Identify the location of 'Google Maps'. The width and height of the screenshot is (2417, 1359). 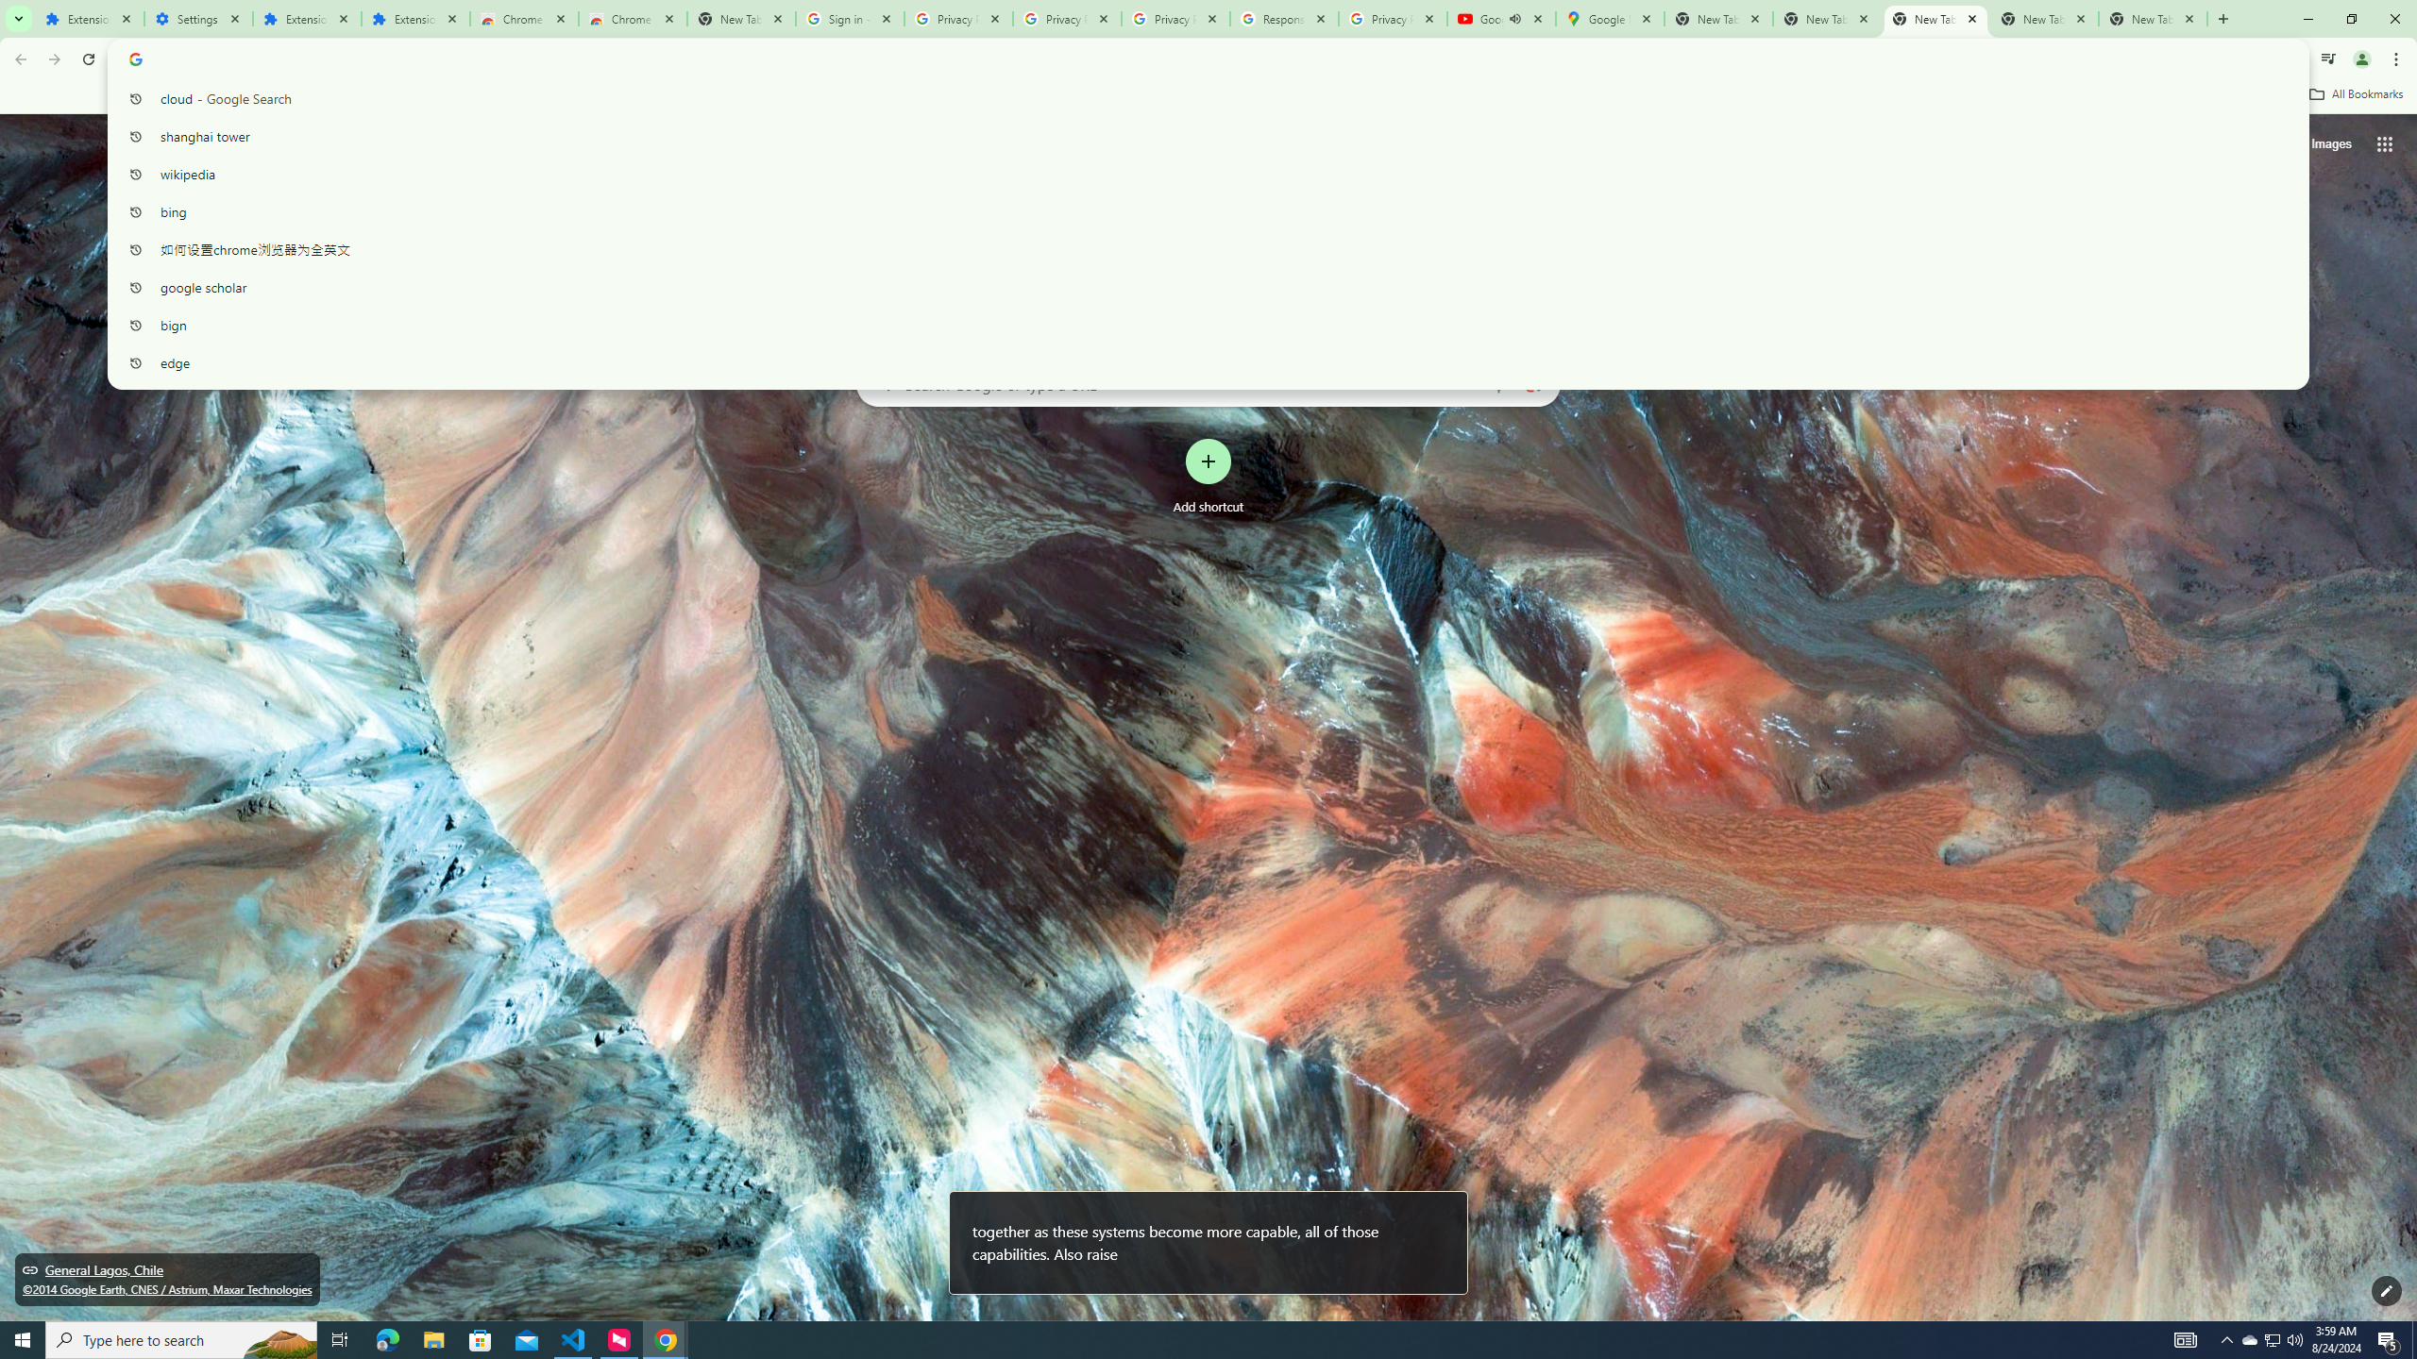
(1608, 18).